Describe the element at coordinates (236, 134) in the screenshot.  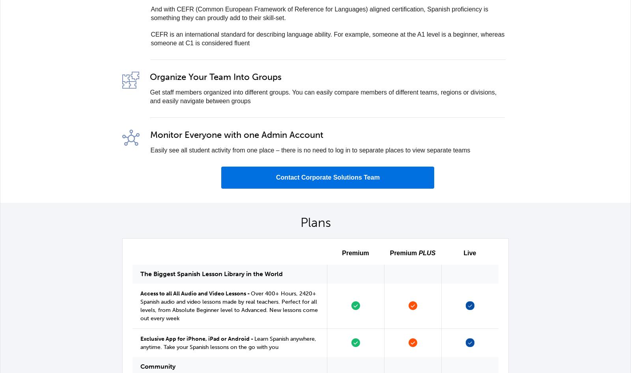
I see `'Monitor Everyone with one Admin Account'` at that location.